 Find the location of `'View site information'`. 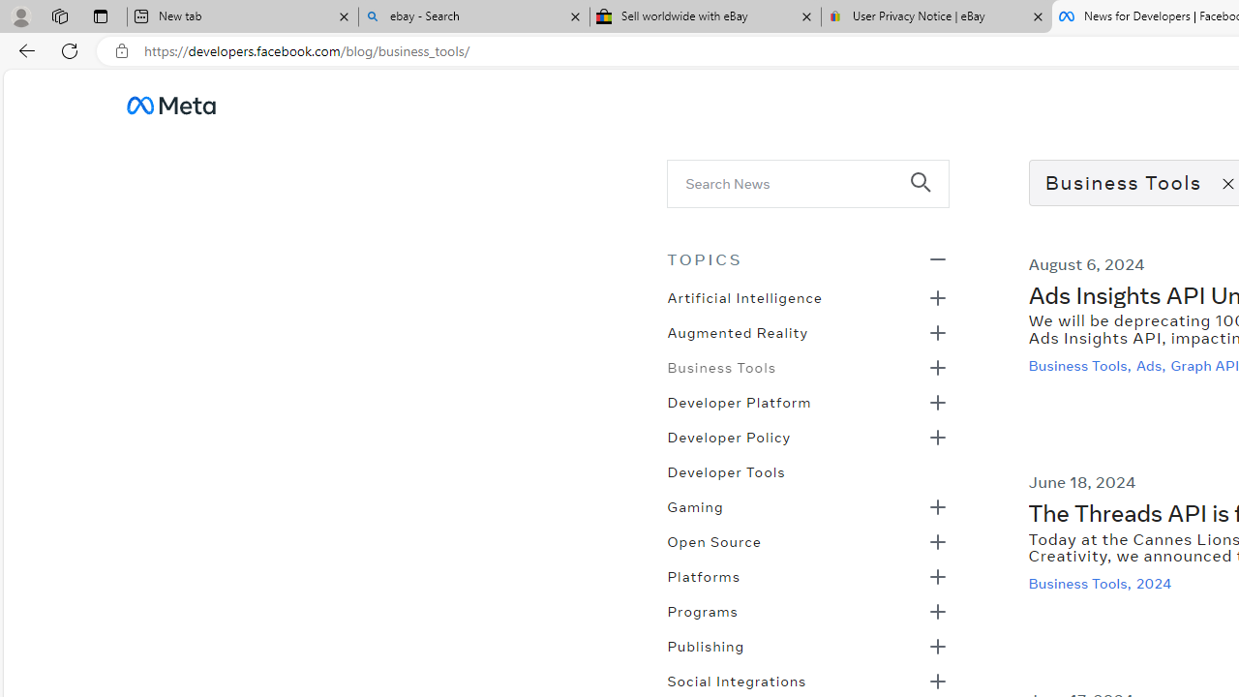

'View site information' is located at coordinates (121, 50).